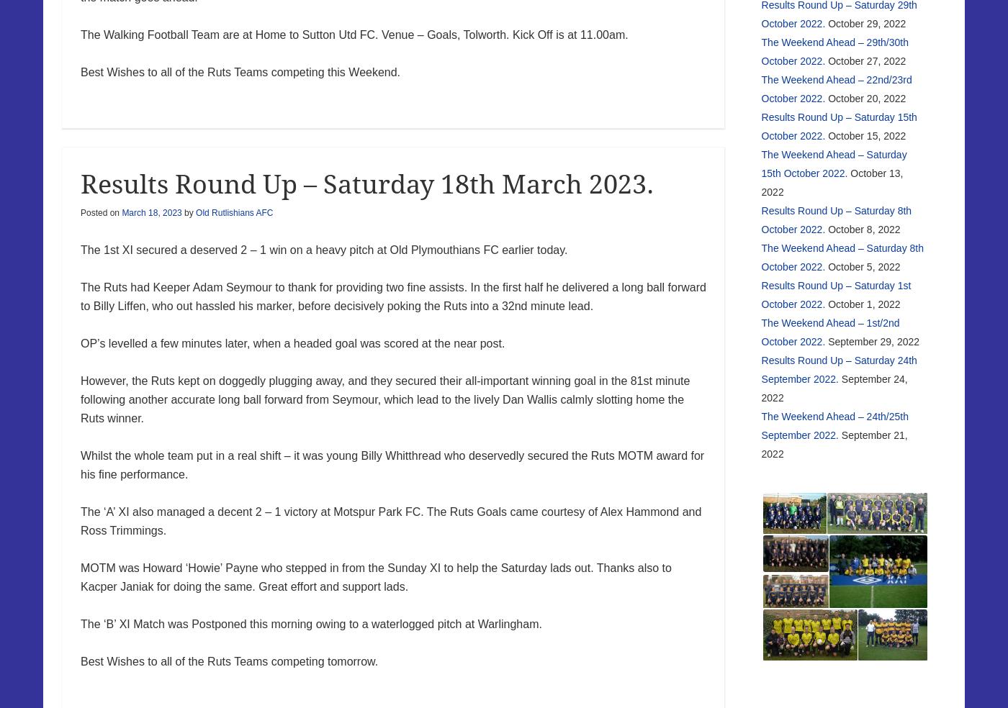 This screenshot has width=1008, height=708. Describe the element at coordinates (834, 50) in the screenshot. I see `'The Weekend Ahead – 29th/30th October 2022.'` at that location.